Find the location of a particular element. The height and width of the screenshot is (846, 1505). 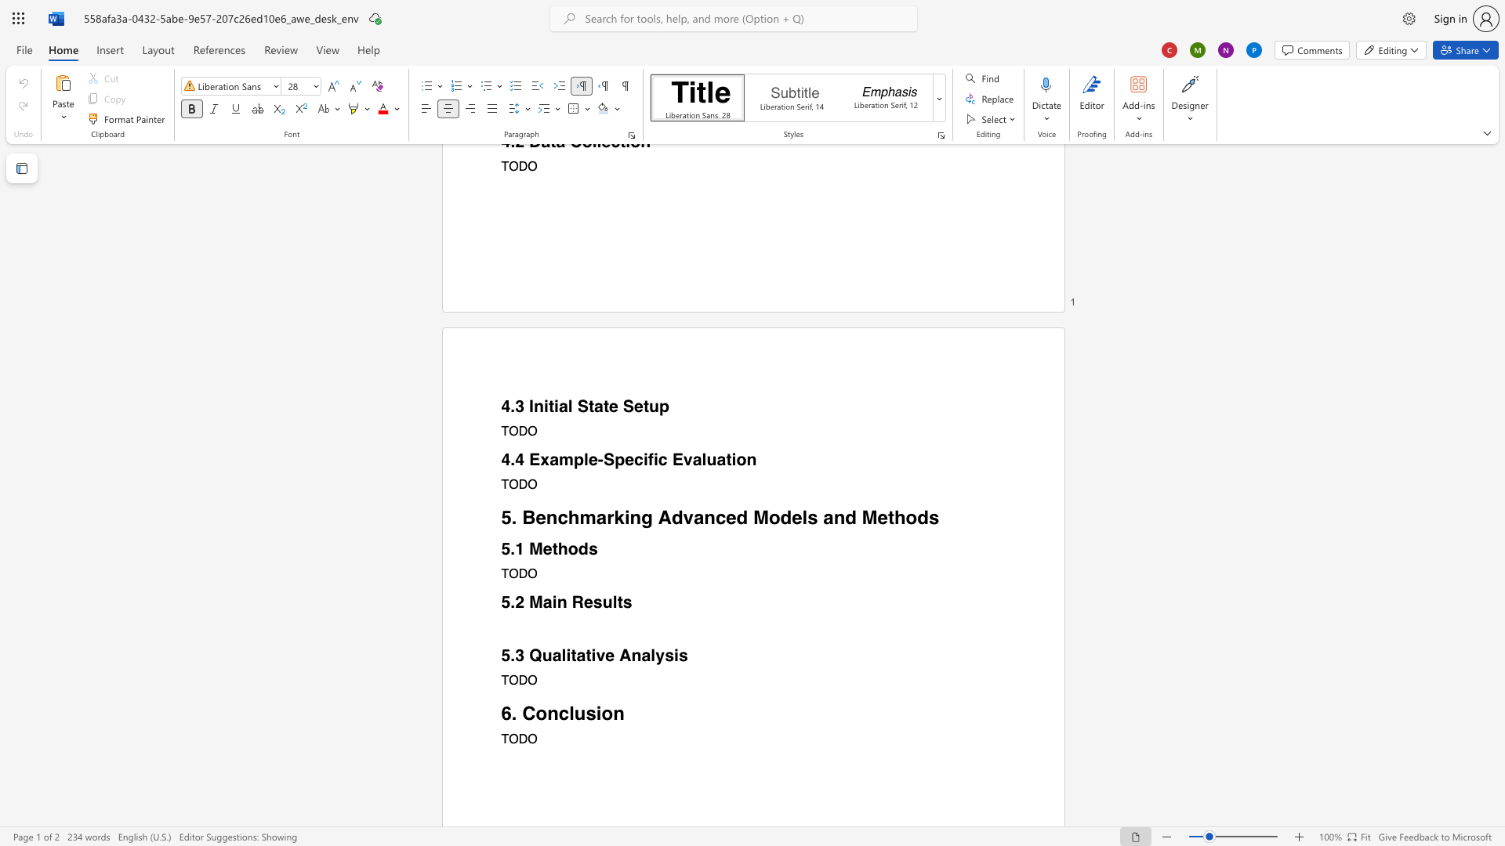

the subset text "ethod" within the text "5. Benchmarking Advanced Models and Methods" is located at coordinates (876, 517).